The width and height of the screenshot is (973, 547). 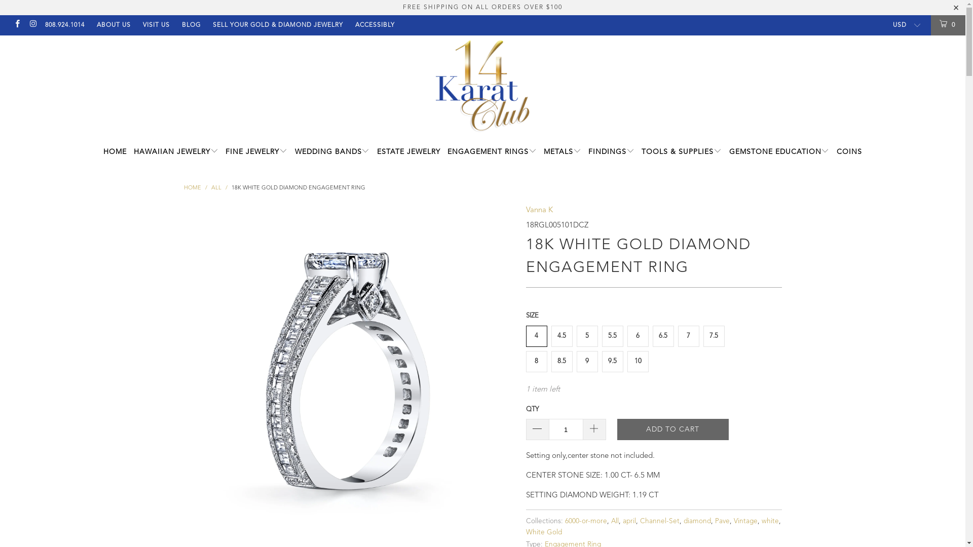 What do you see at coordinates (17, 25) in the screenshot?
I see `'14 Karat Club on Facebook'` at bounding box center [17, 25].